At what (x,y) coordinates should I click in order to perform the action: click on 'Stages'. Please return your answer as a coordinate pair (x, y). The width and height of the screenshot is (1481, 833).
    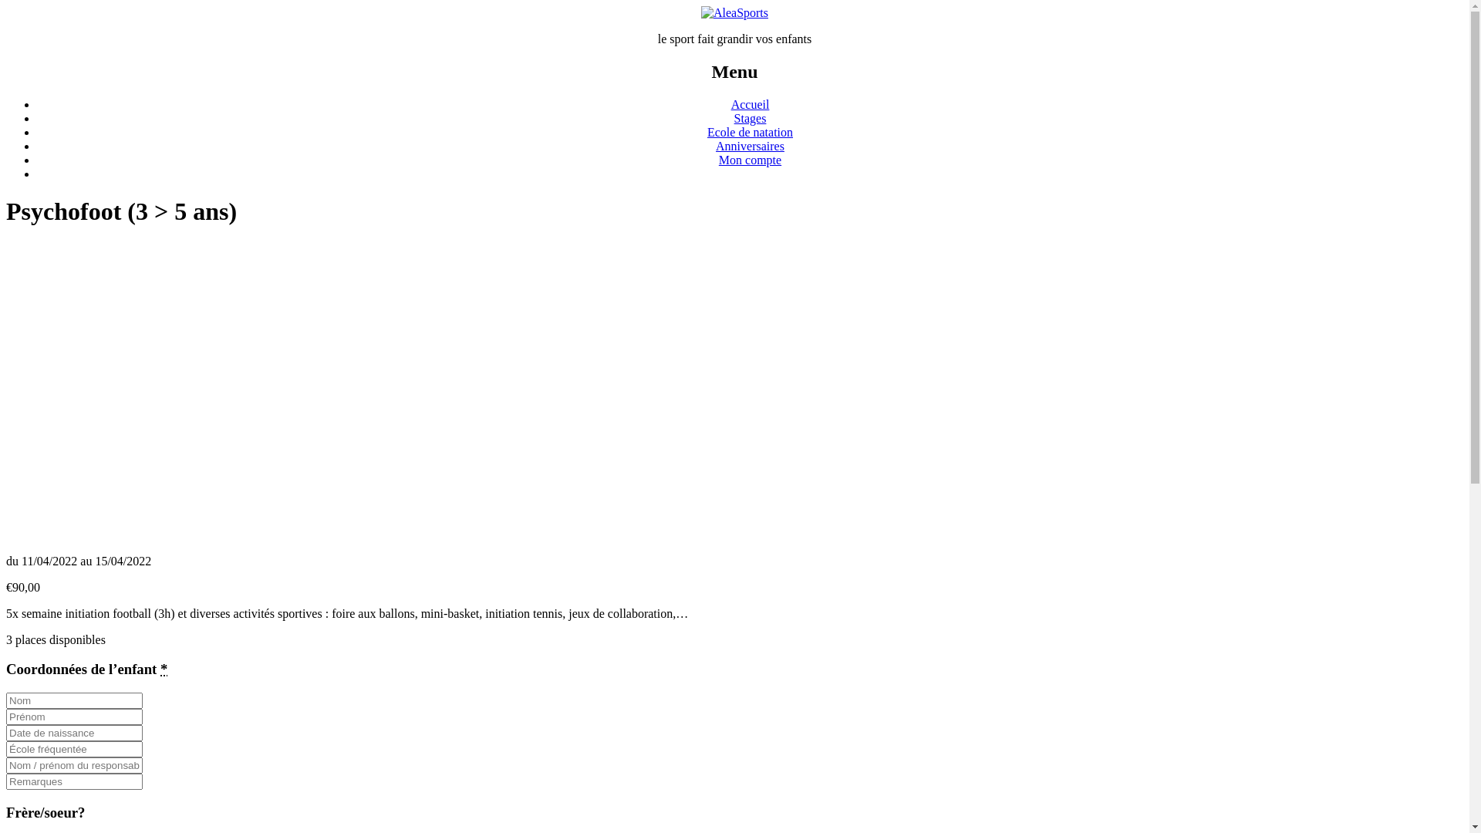
    Looking at the image, I should click on (751, 117).